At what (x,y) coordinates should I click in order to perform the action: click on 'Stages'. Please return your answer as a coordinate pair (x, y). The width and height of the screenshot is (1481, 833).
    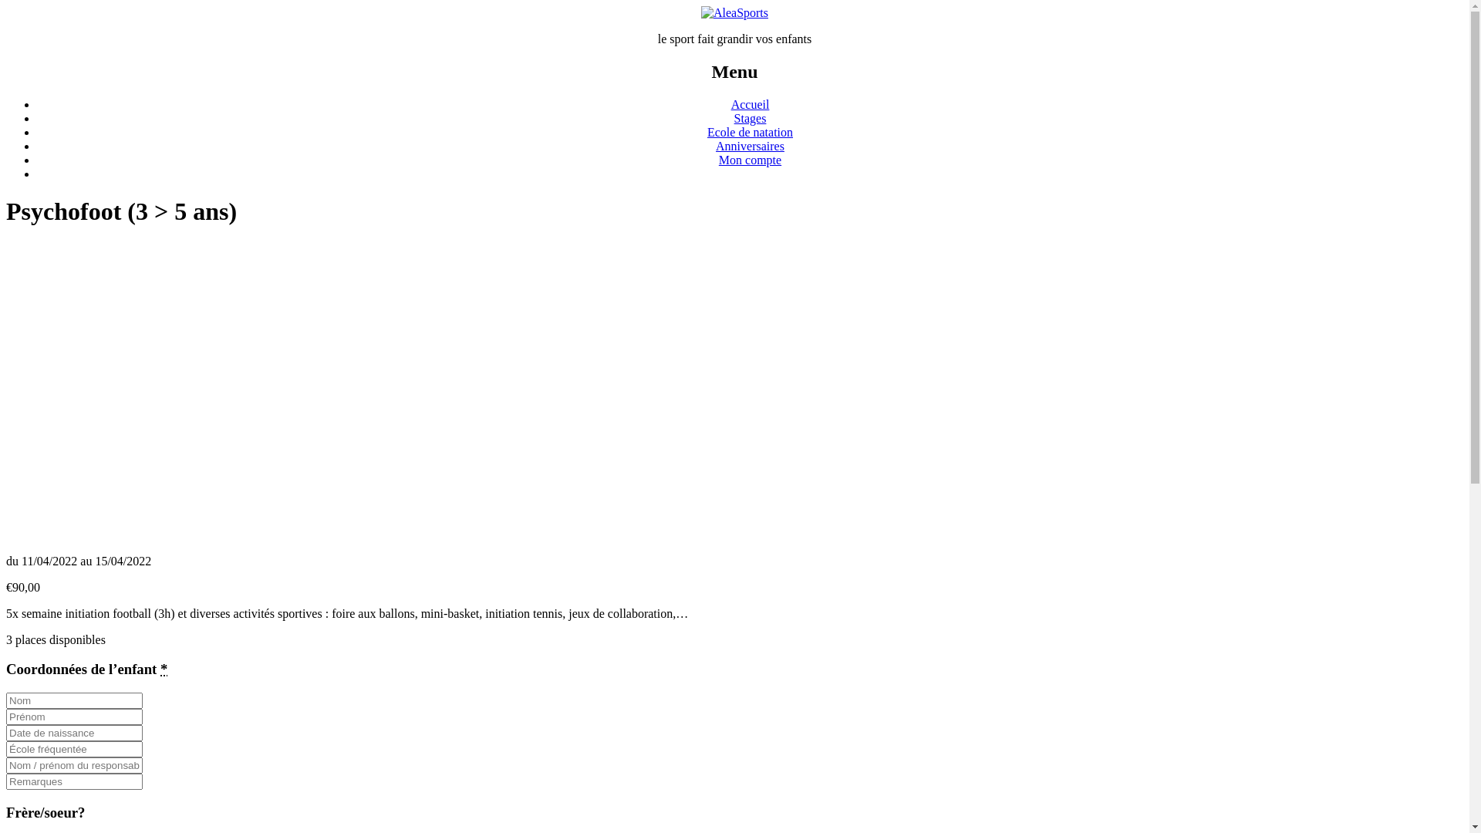
    Looking at the image, I should click on (751, 117).